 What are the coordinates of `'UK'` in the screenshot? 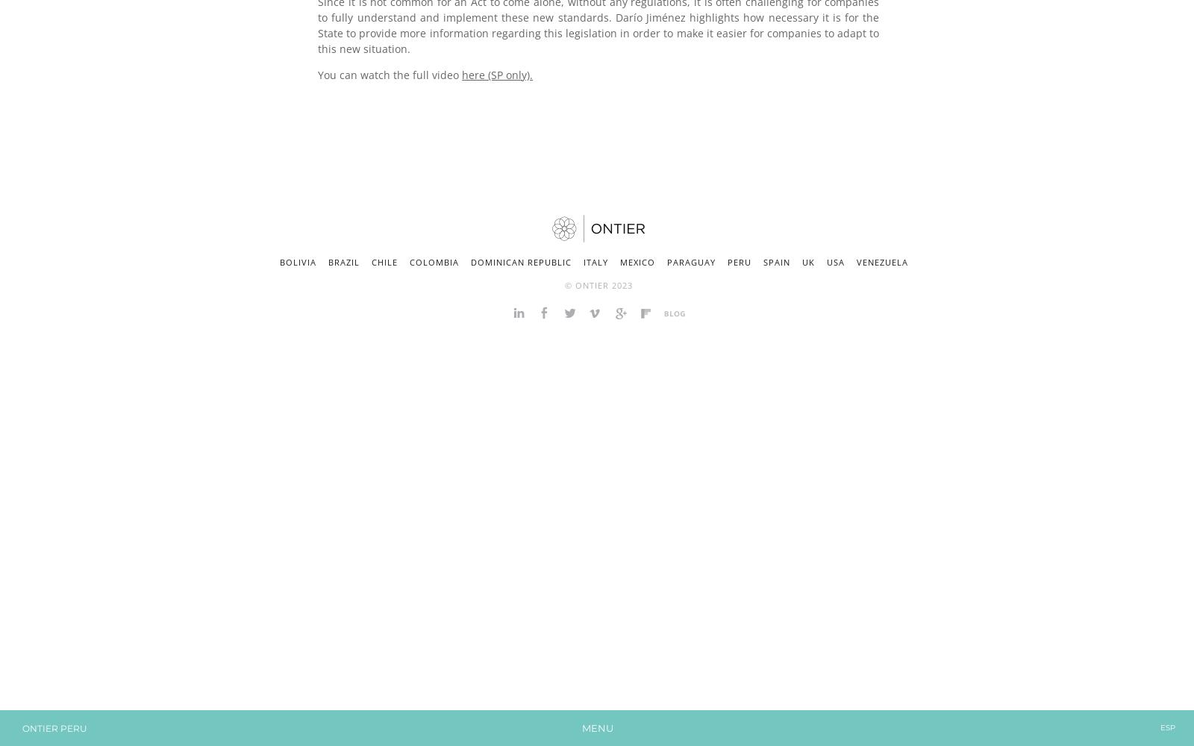 It's located at (808, 261).